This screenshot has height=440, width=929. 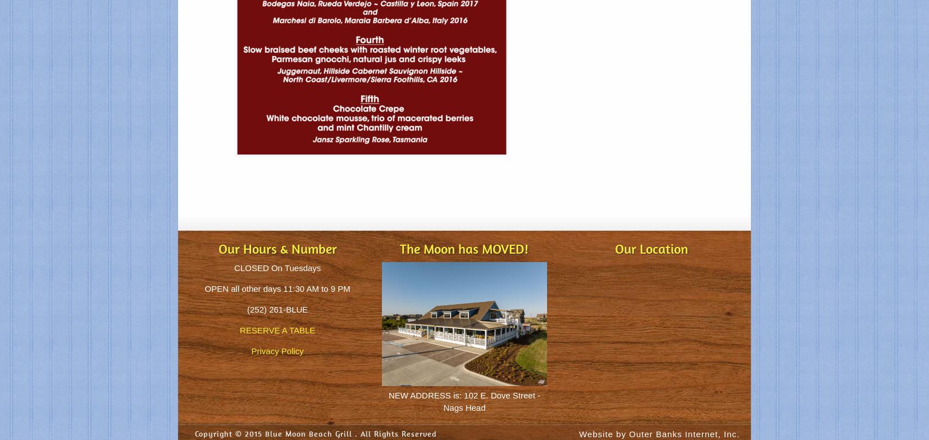 What do you see at coordinates (316, 433) in the screenshot?
I see `'Copyright © 2015 Blue Moon Beach Grill . All Rights Reserved'` at bounding box center [316, 433].